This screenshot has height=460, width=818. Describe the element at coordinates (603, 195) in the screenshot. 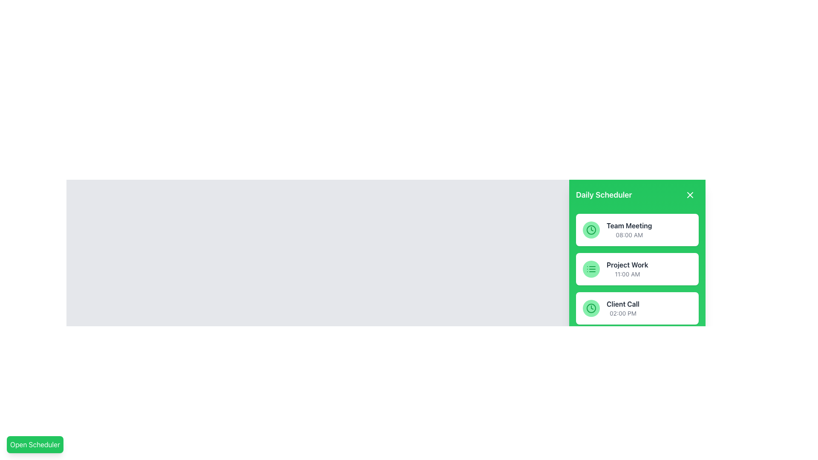

I see `the 'Daily Scheduler' text label, which is displayed in bold and larger font in the green header section of the sidebar panel` at that location.